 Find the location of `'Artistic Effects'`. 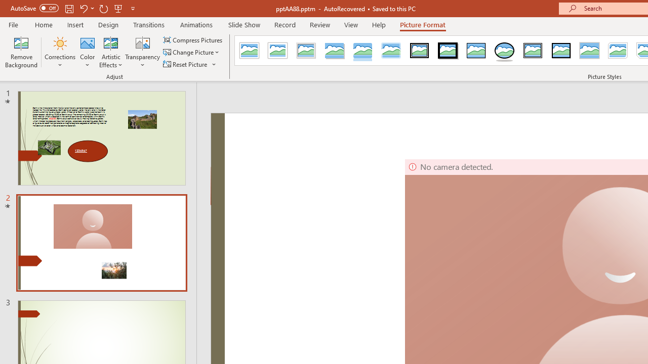

'Artistic Effects' is located at coordinates (111, 52).